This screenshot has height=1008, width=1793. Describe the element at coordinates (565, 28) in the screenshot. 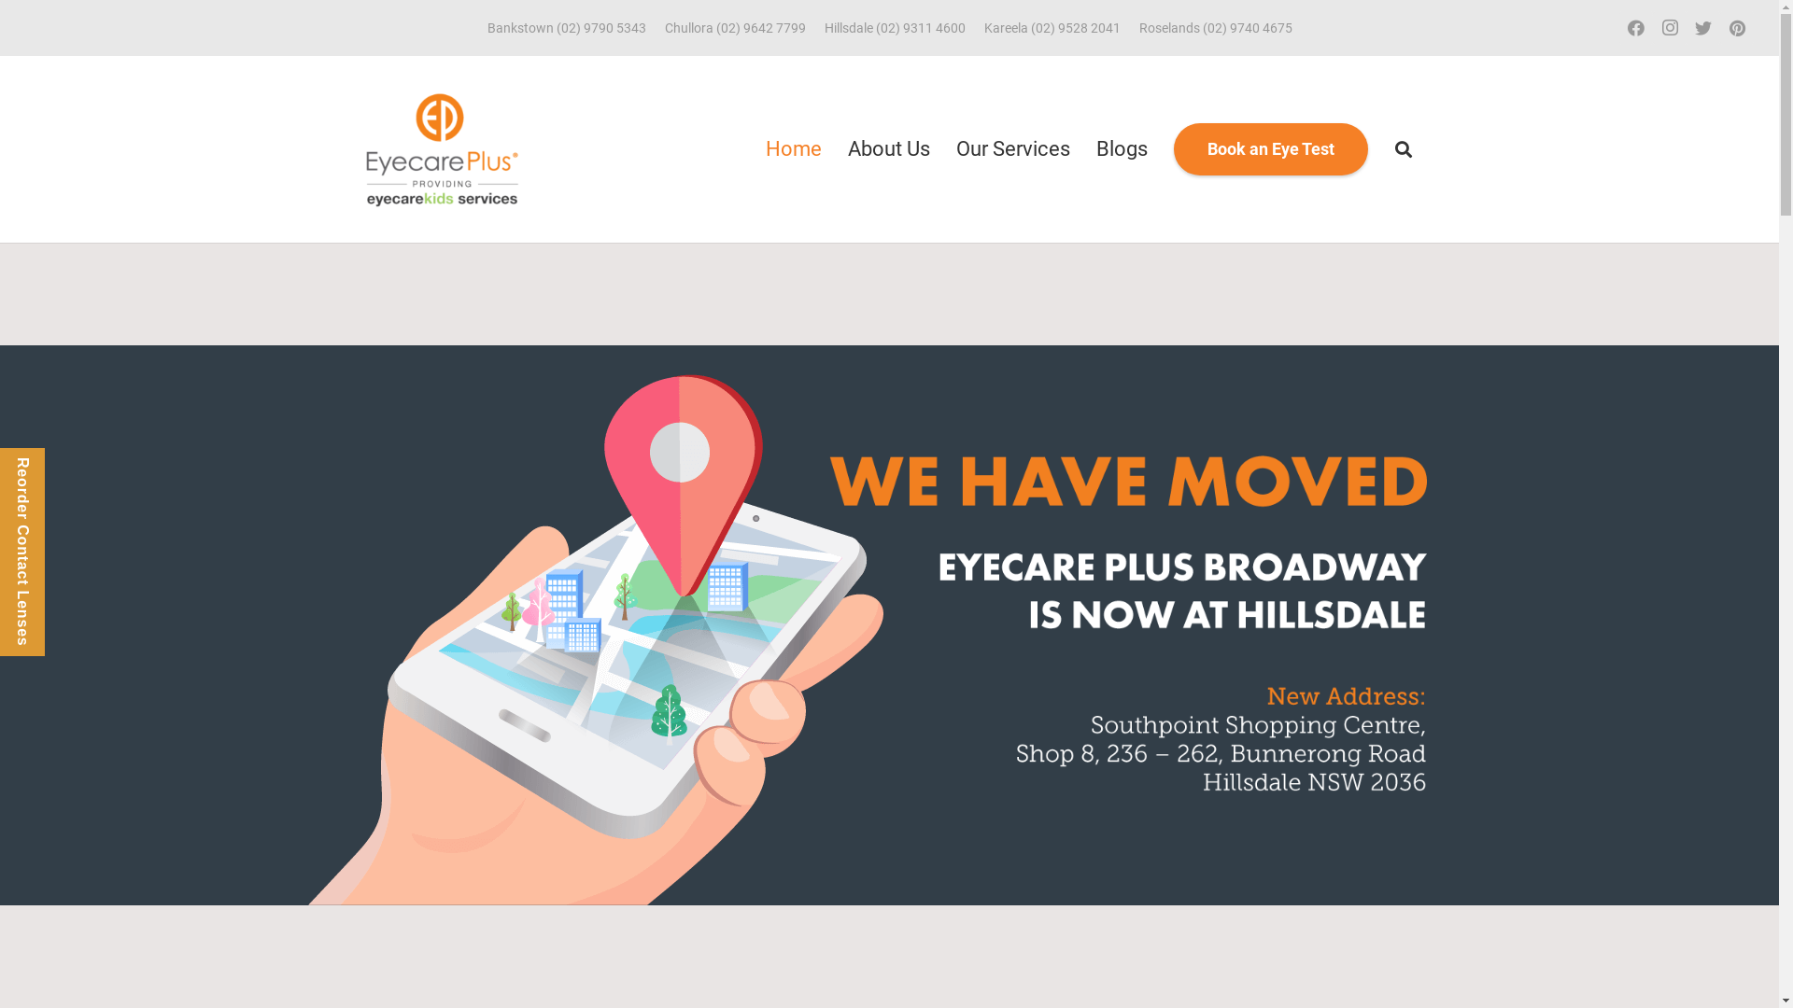

I see `'Bankstown (02) 9790 5343'` at that location.